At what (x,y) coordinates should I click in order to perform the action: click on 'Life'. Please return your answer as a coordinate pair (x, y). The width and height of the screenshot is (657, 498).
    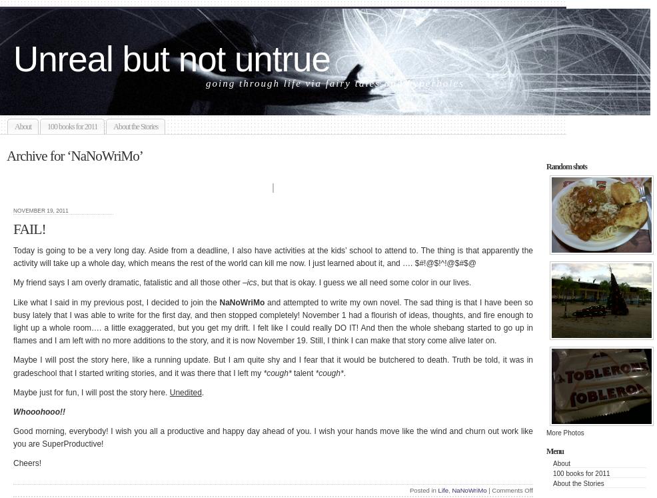
    Looking at the image, I should click on (442, 489).